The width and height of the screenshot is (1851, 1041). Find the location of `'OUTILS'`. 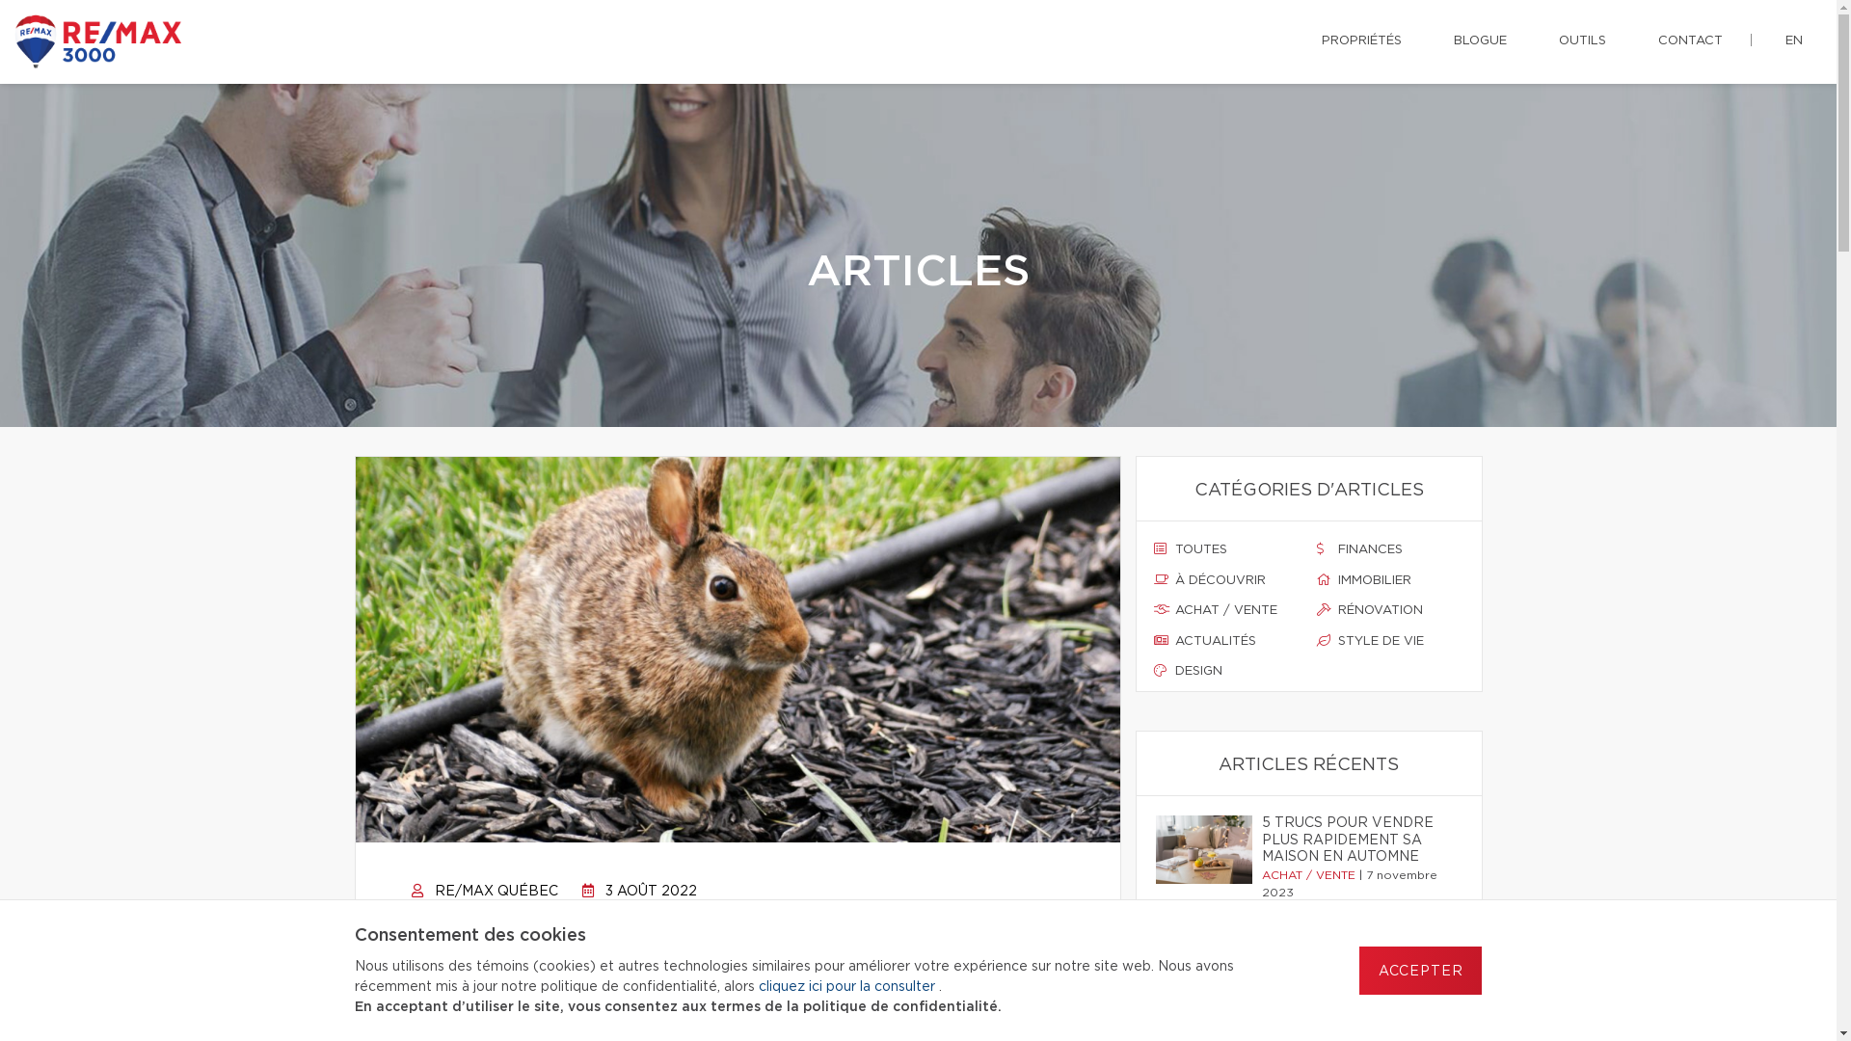

'OUTILS' is located at coordinates (1582, 40).